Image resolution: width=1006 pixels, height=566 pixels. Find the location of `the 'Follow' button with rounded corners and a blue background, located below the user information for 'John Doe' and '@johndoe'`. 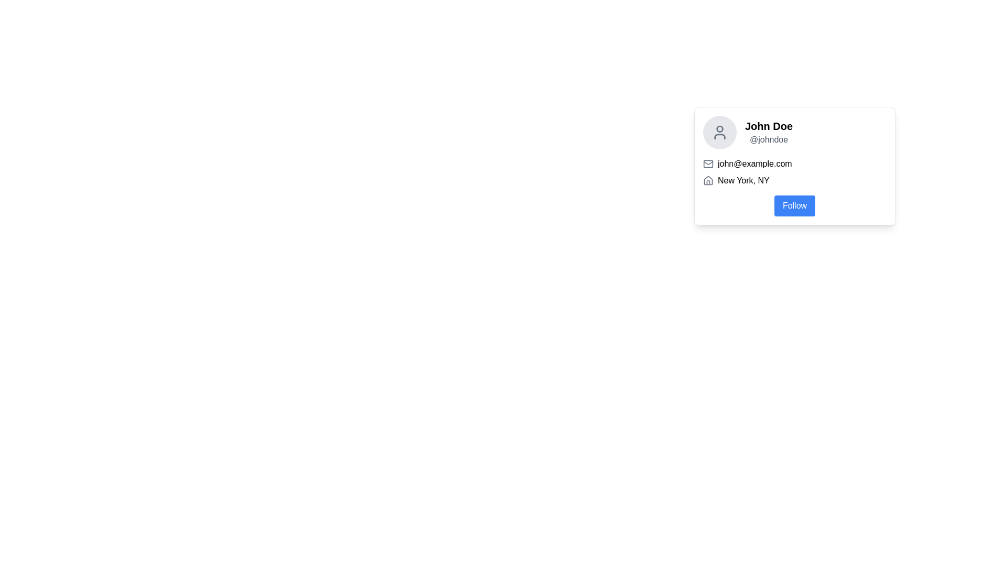

the 'Follow' button with rounded corners and a blue background, located below the user information for 'John Doe' and '@johndoe' is located at coordinates (794, 206).